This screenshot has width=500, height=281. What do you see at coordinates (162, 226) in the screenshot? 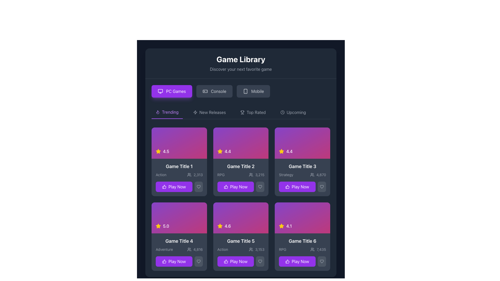
I see `the highlighted yellow star icon and white text reading '5.0' in the rating display section of the fourth card in the second row of the grid layout` at bounding box center [162, 226].